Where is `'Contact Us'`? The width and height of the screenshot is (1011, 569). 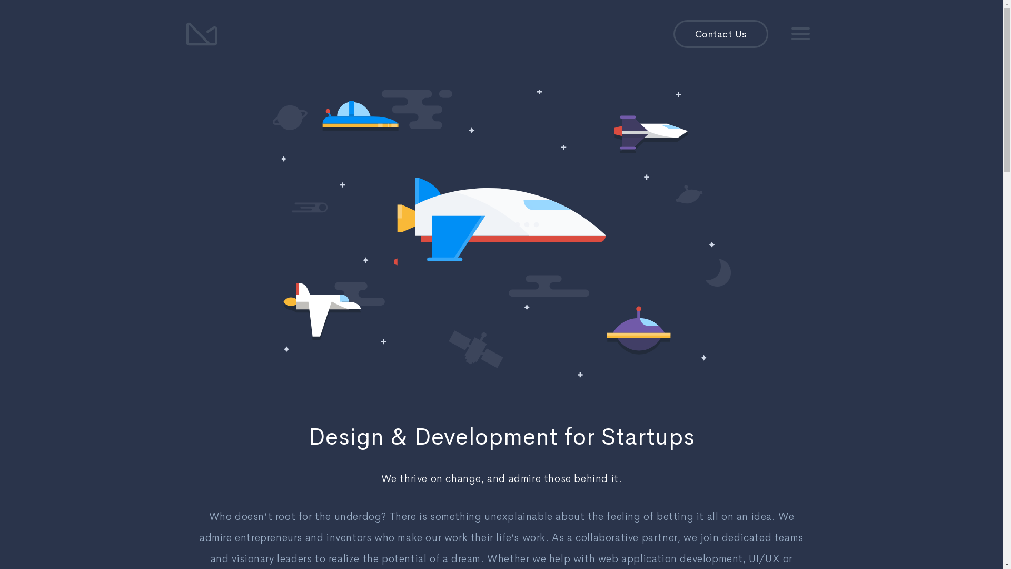 'Contact Us' is located at coordinates (720, 34).